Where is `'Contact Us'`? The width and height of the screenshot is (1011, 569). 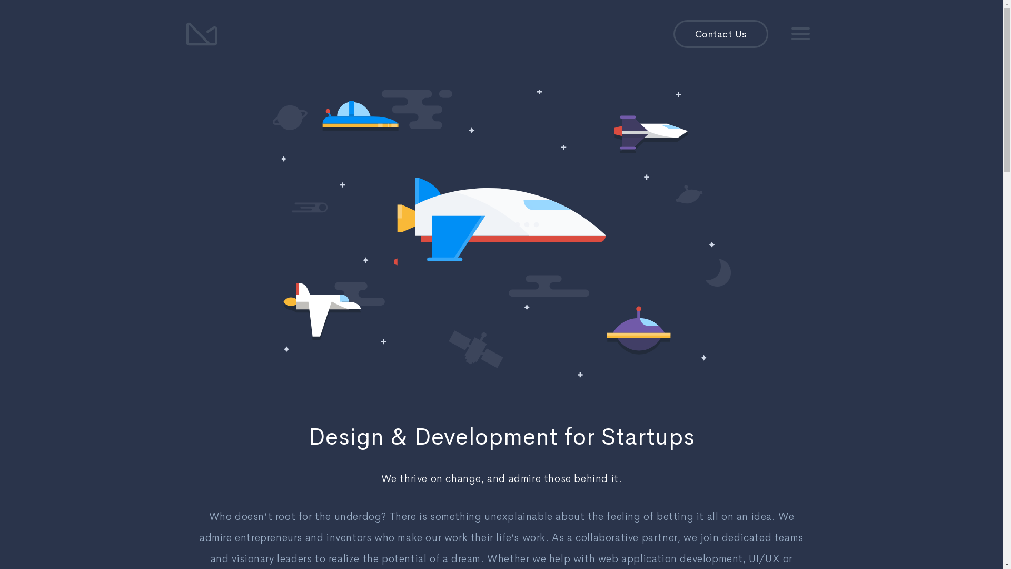 'Contact Us' is located at coordinates (720, 34).